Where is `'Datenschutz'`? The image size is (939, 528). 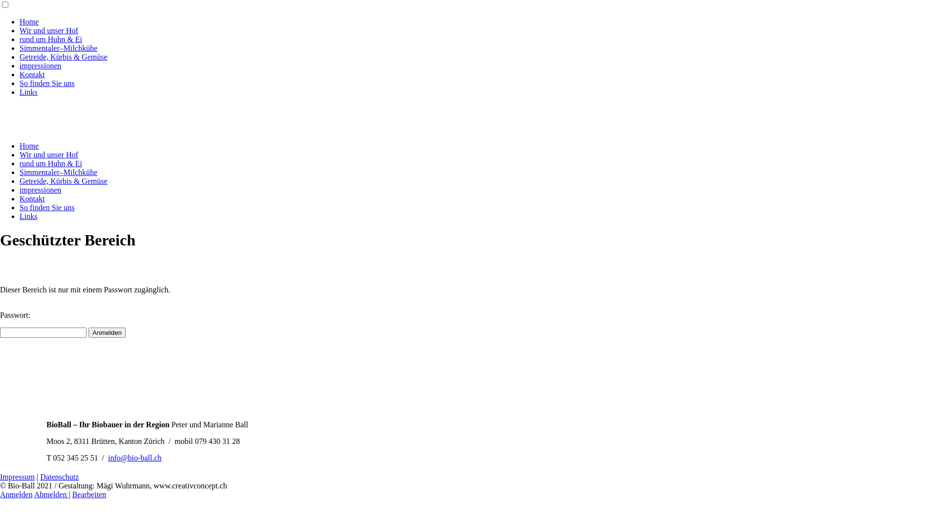
'Datenschutz' is located at coordinates (39, 476).